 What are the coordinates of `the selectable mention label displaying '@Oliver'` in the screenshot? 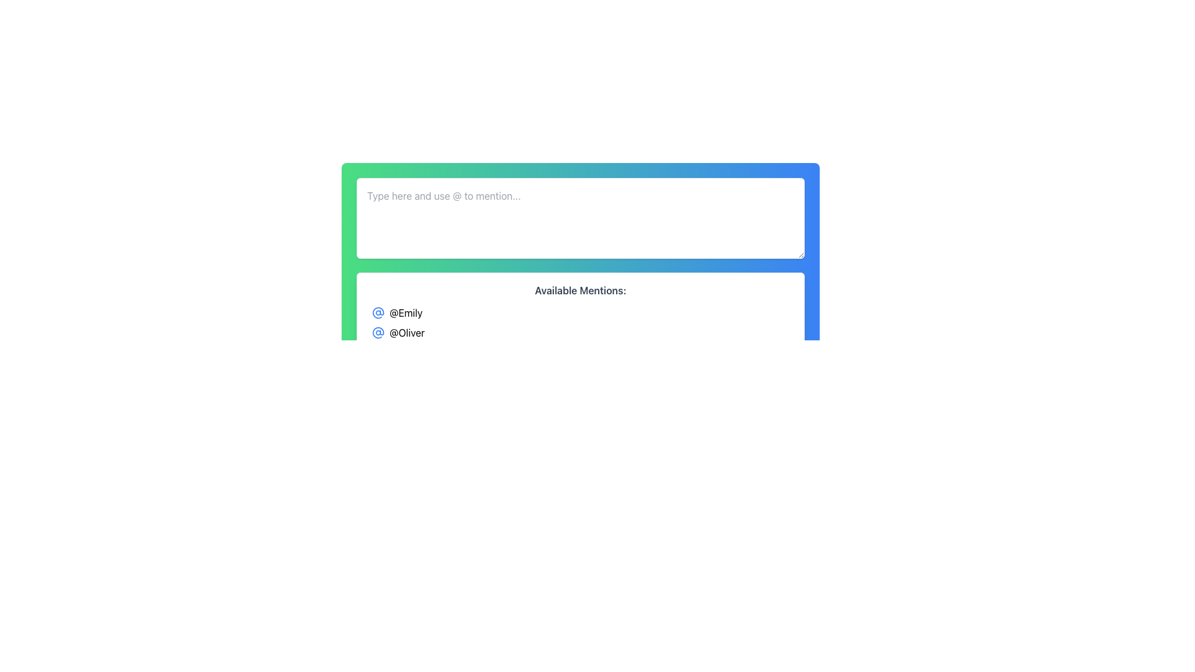 It's located at (407, 332).